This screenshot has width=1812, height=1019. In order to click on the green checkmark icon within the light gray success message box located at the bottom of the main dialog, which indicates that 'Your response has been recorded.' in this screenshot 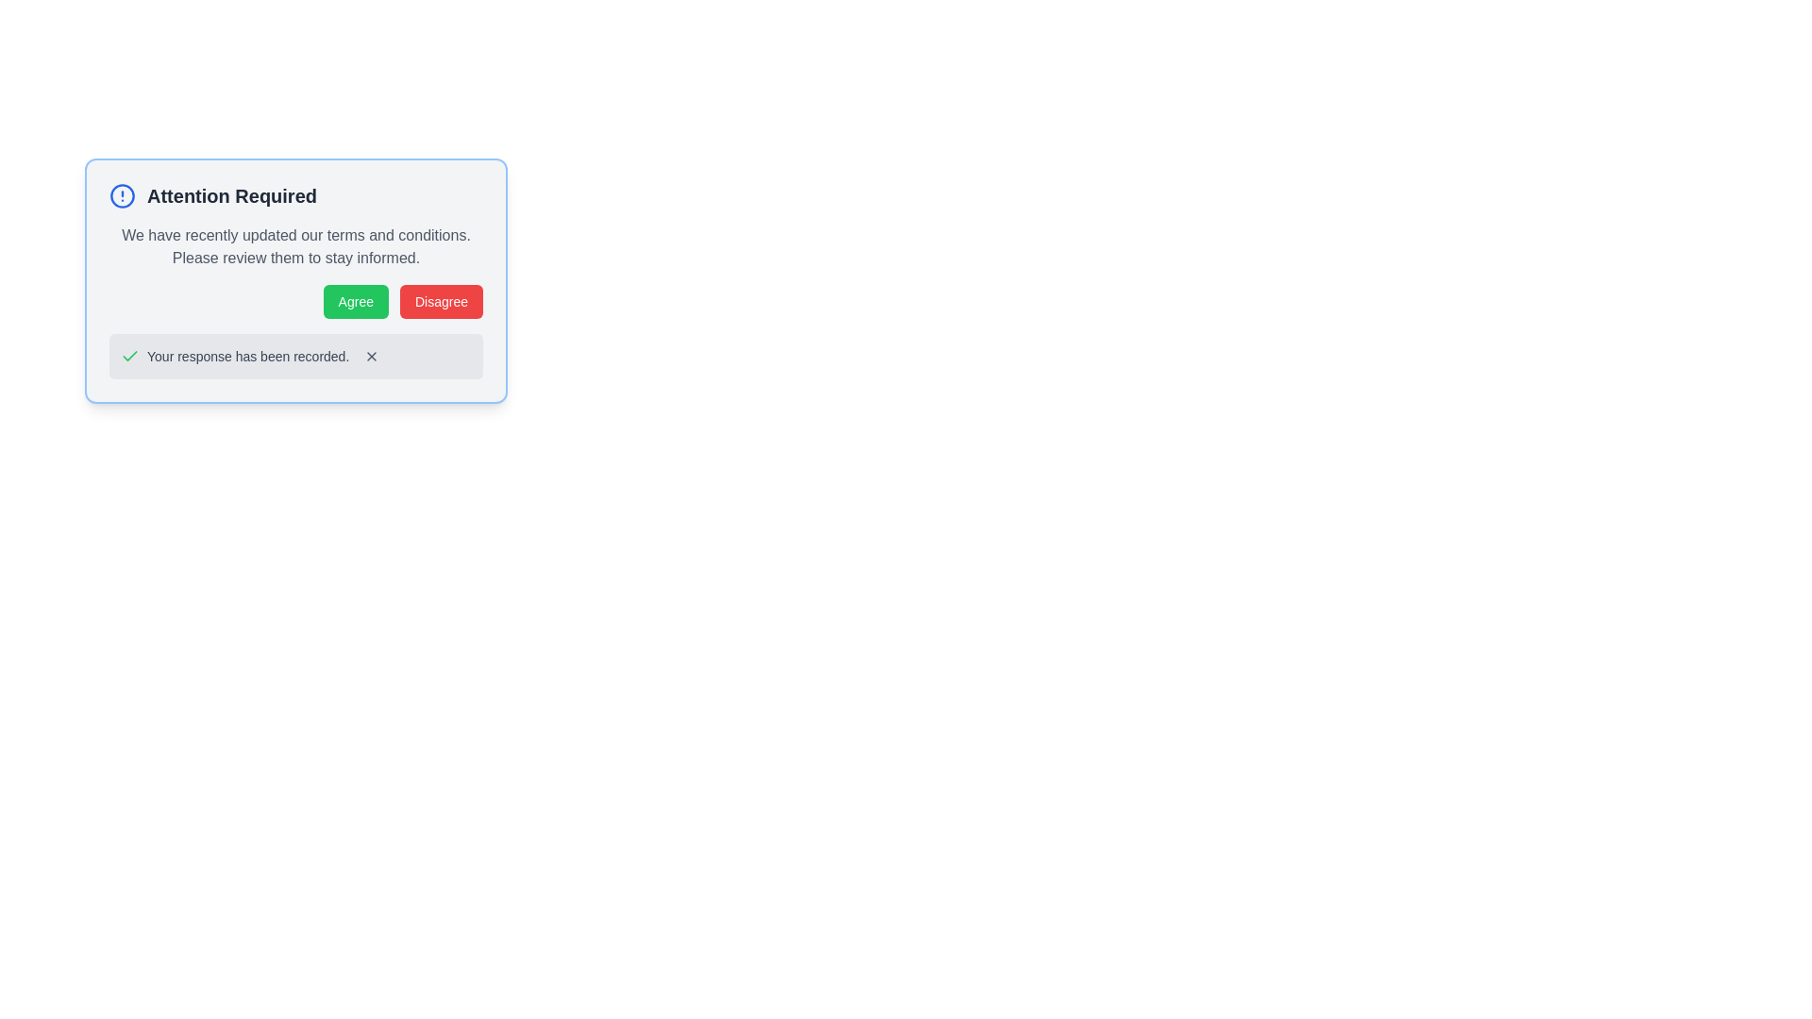, I will do `click(129, 357)`.